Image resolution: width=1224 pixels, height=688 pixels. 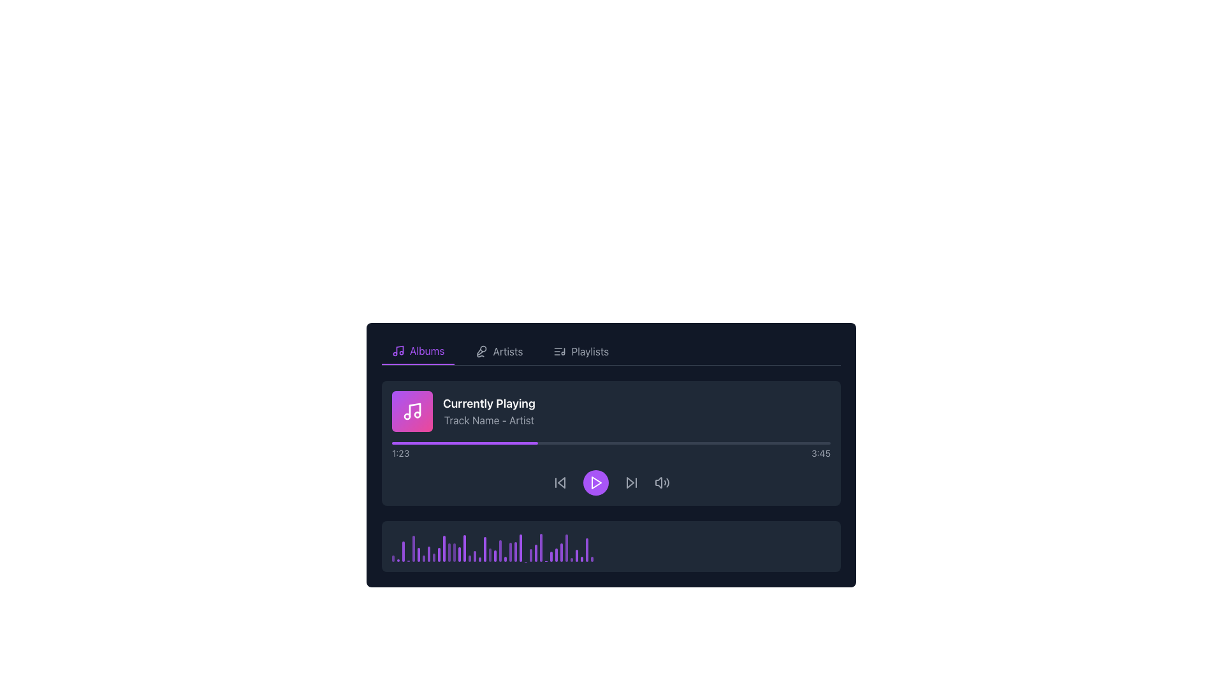 What do you see at coordinates (495, 555) in the screenshot?
I see `the purple vertical waveform progress bar, which is the 21st bar from the left in the waveform section of the music player interface` at bounding box center [495, 555].